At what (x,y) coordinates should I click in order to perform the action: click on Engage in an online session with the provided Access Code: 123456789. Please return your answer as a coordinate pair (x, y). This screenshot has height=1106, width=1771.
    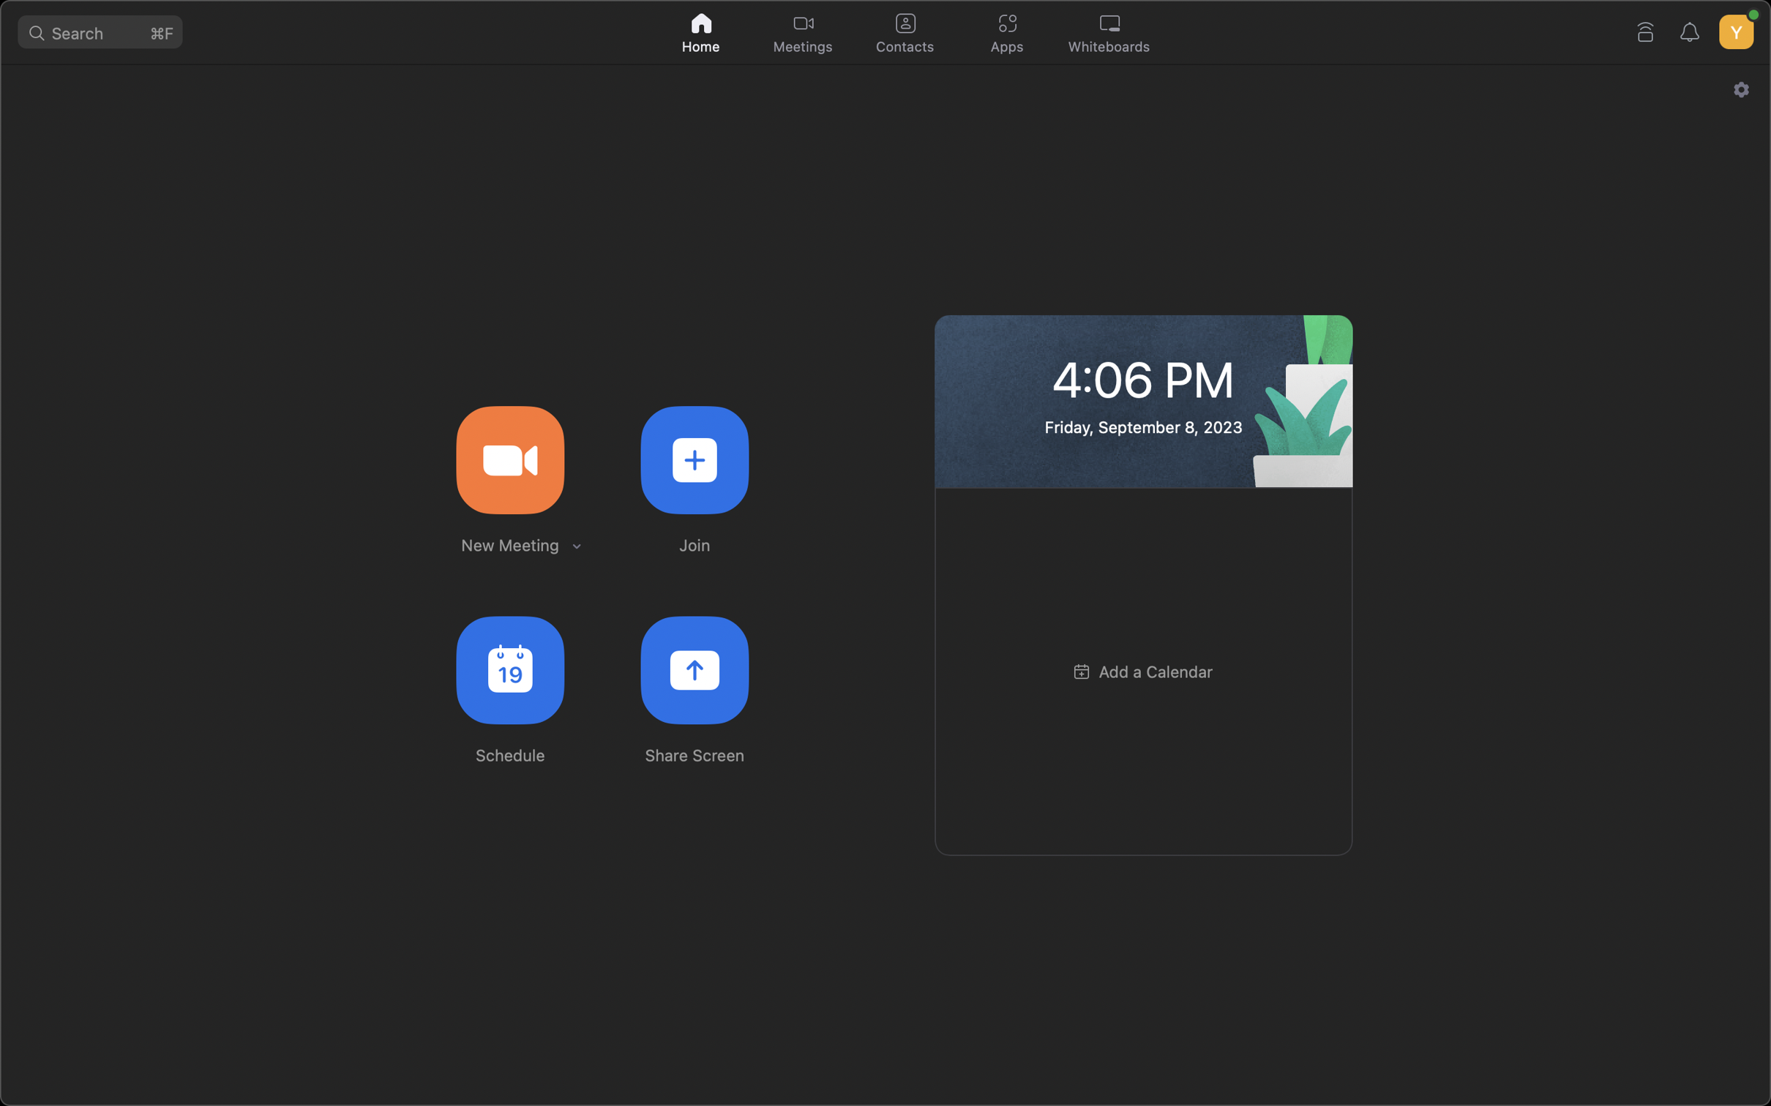
    Looking at the image, I should click on (694, 458).